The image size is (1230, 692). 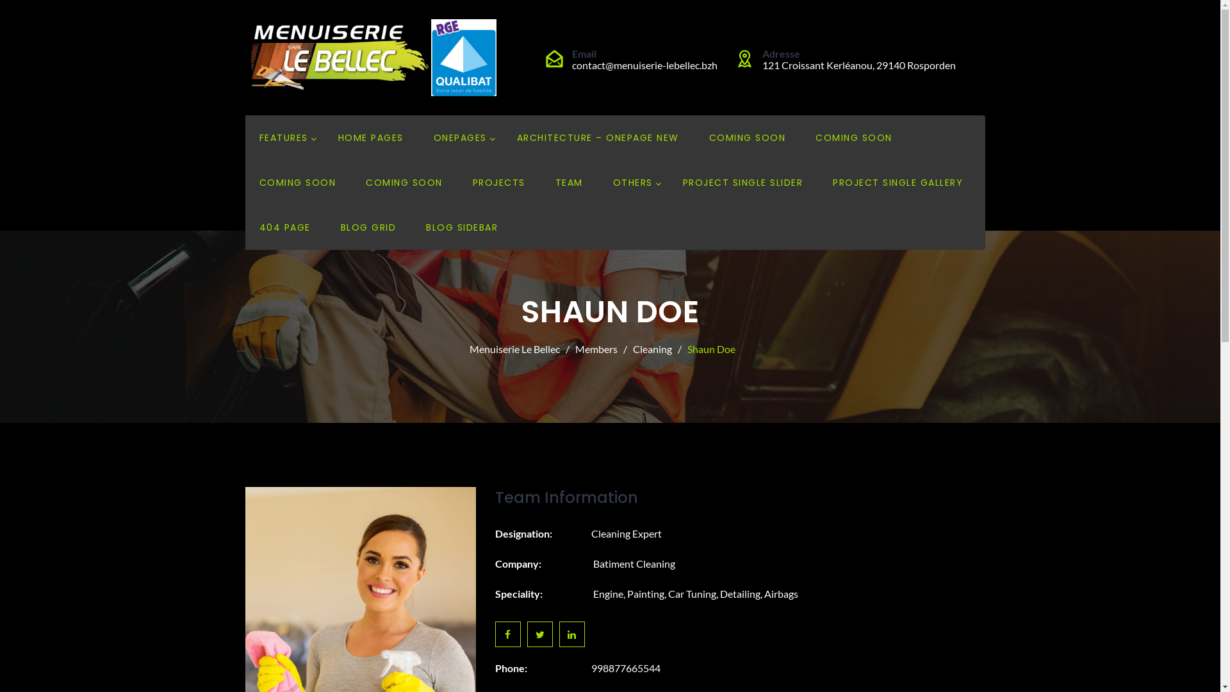 I want to click on 'OTHERS', so click(x=611, y=183).